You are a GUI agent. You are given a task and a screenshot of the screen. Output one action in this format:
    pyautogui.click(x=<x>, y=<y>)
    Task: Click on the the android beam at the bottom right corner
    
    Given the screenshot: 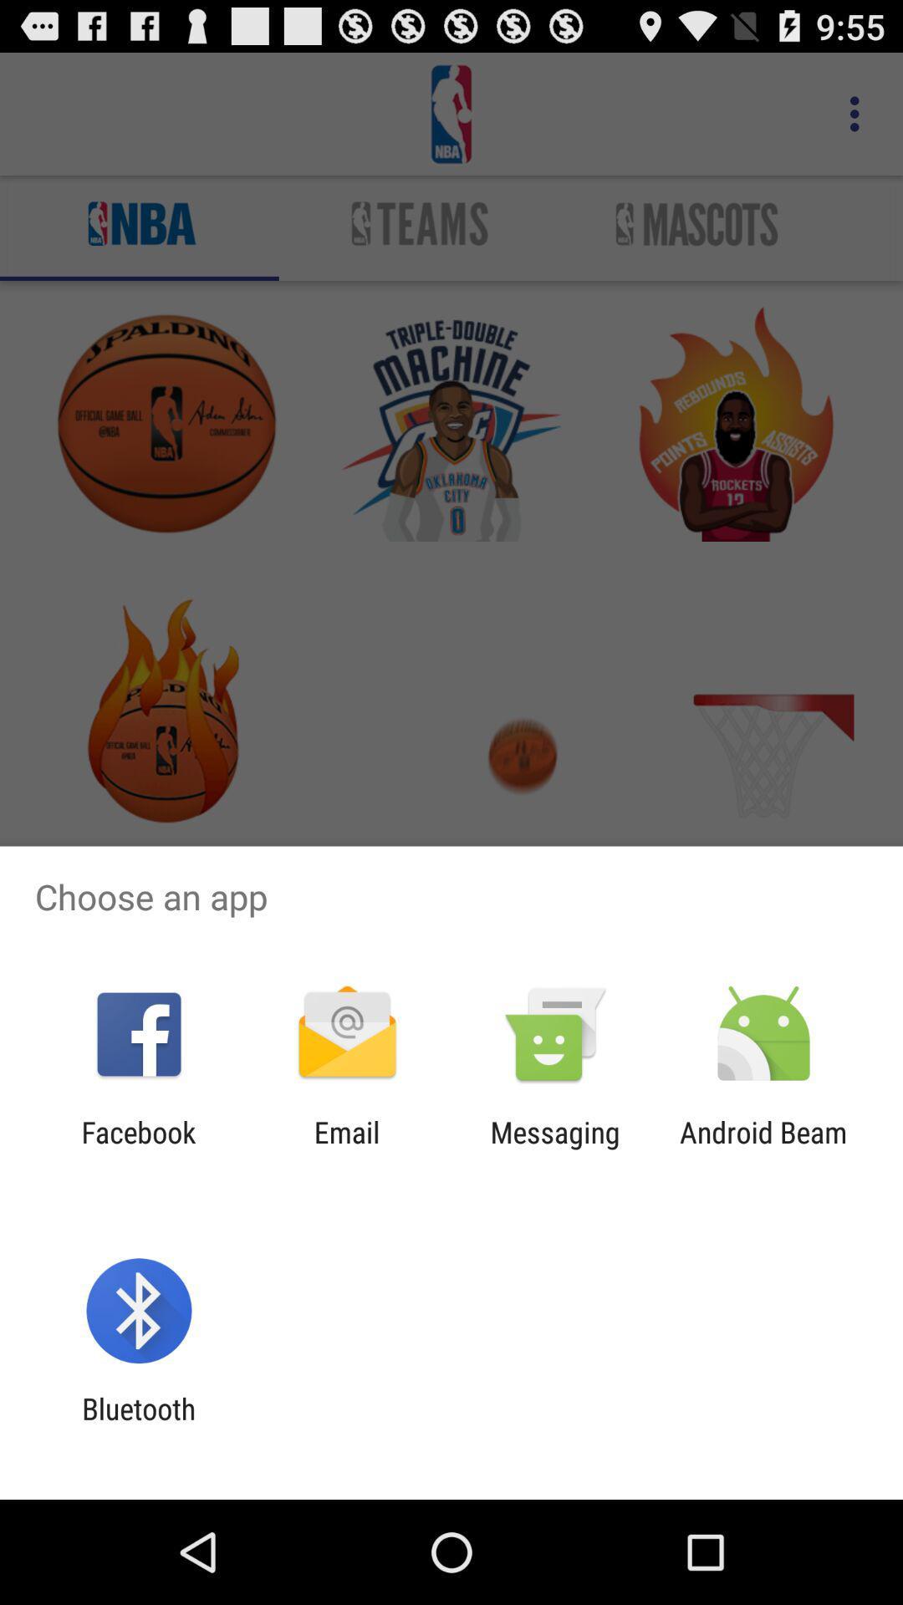 What is the action you would take?
    pyautogui.click(x=763, y=1149)
    